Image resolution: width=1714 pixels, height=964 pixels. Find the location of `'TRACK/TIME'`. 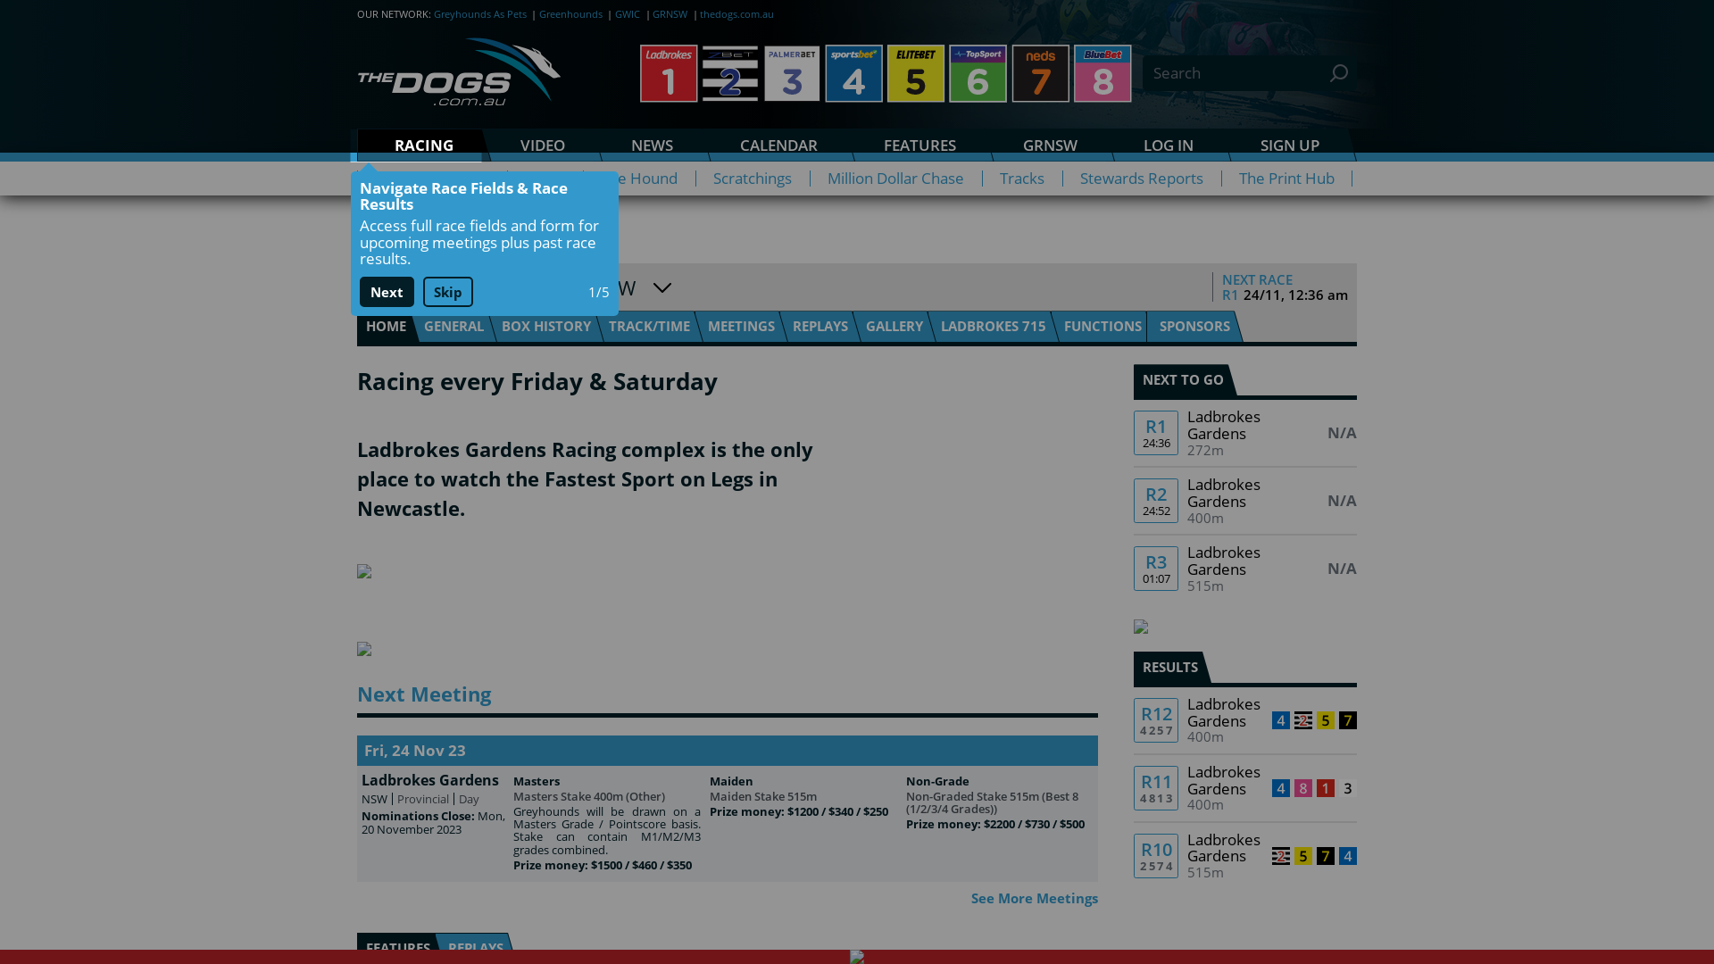

'TRACK/TIME' is located at coordinates (648, 326).